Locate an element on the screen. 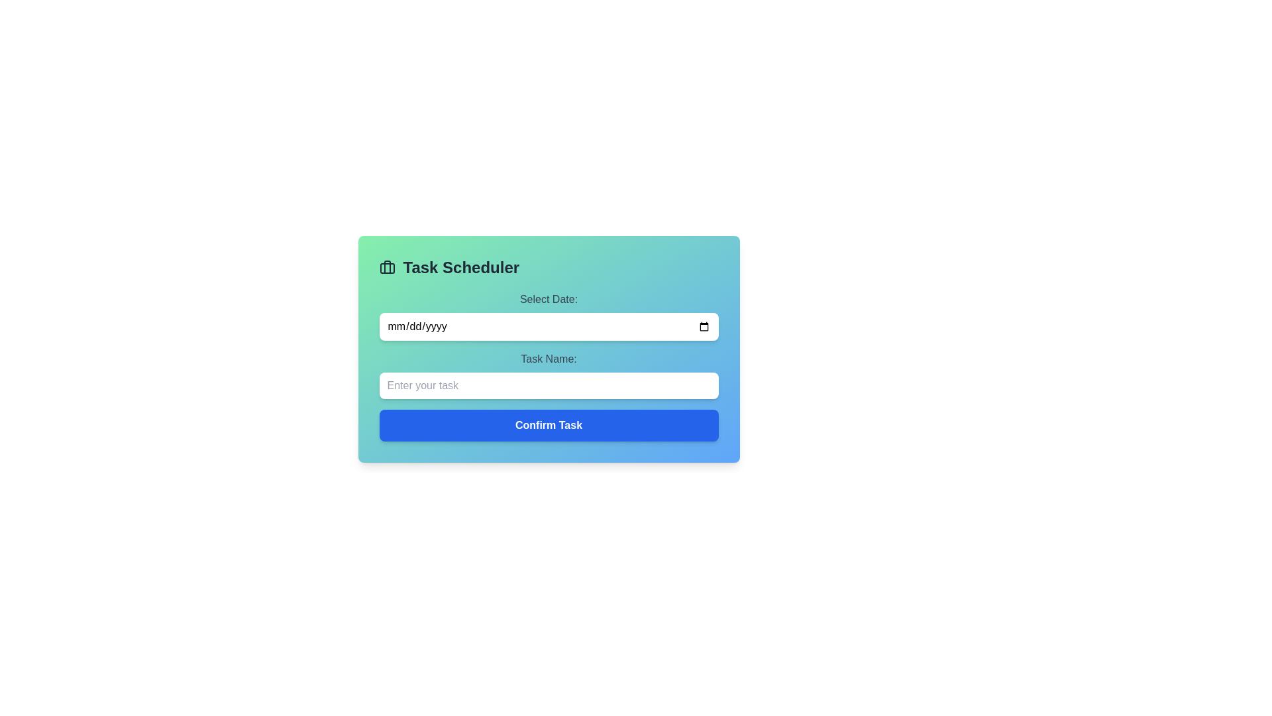 The height and width of the screenshot is (716, 1272). vertical segment of the briefcase icon, which is part of the larger SVG graphic located to the left of the 'Task Scheduler' title is located at coordinates (386, 267).